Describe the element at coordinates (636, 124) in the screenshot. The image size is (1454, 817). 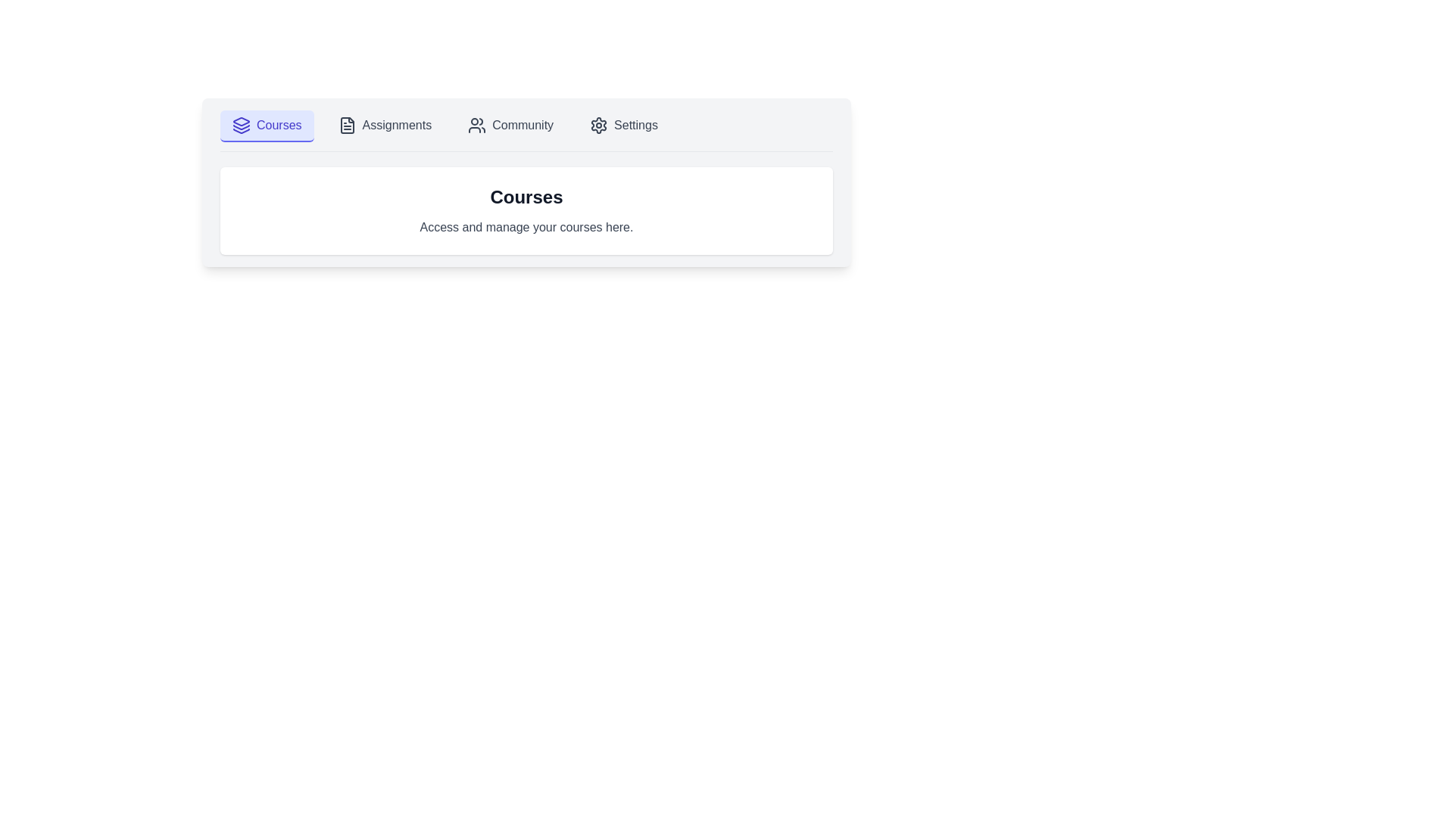
I see `the settings text label located in the top-right portion of the navigation menu bar` at that location.